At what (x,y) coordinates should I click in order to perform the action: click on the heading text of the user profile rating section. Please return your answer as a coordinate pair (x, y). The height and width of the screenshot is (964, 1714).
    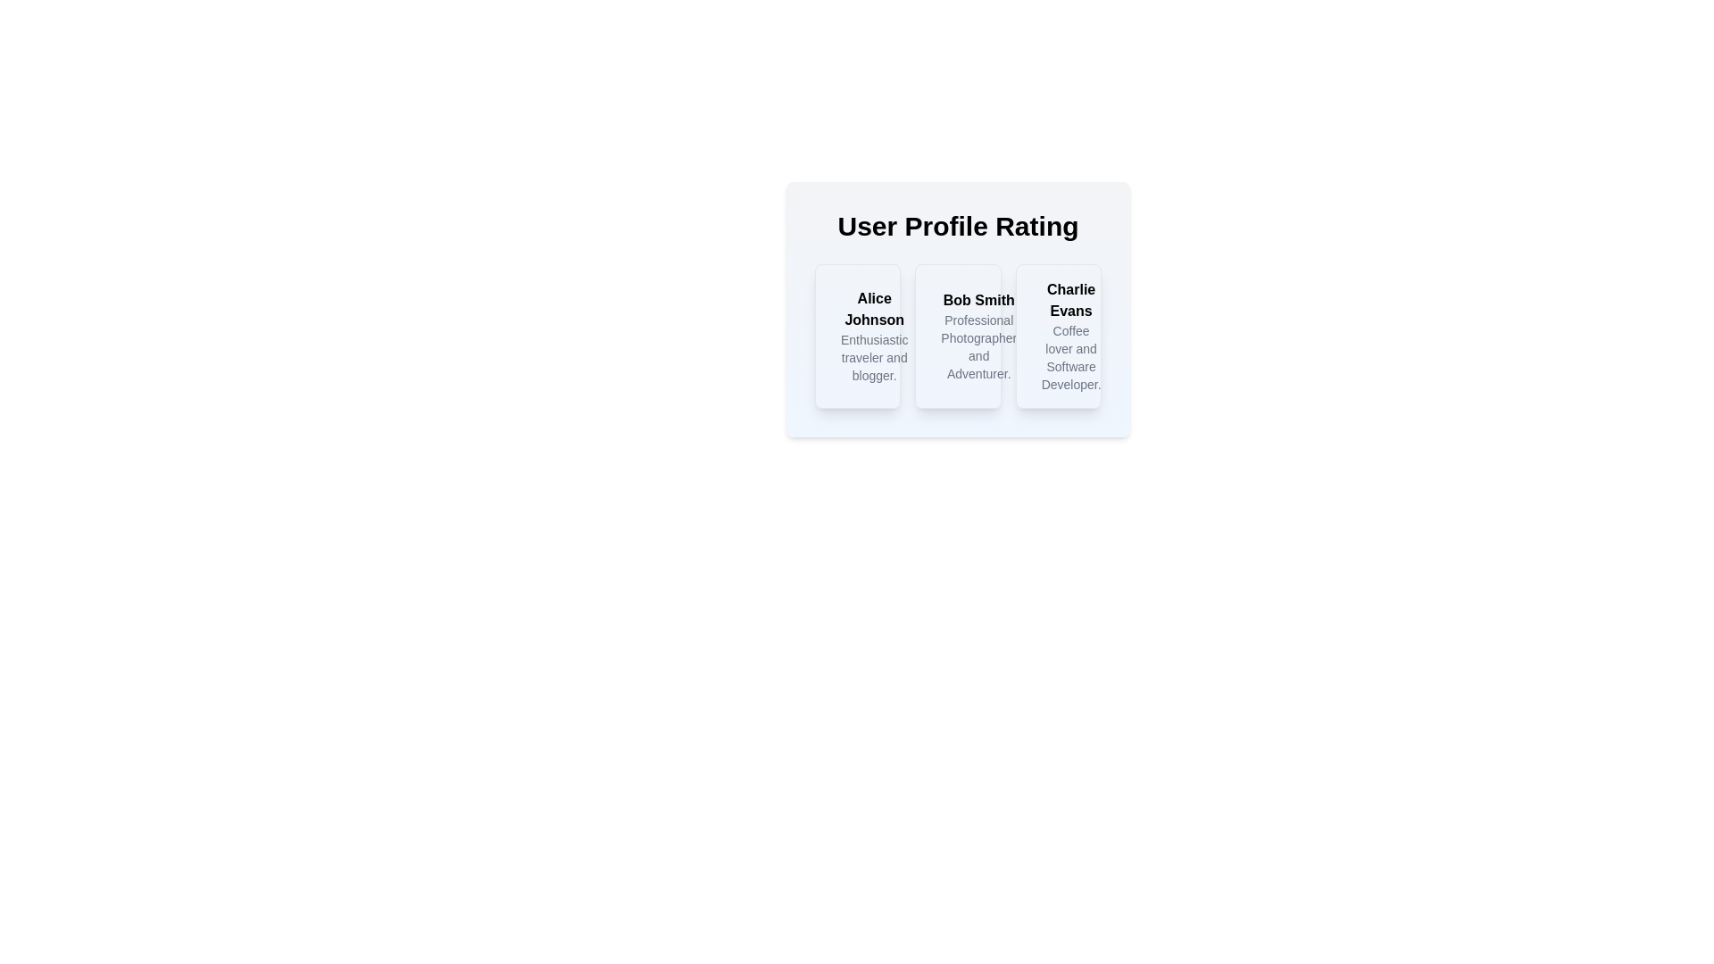
    Looking at the image, I should click on (957, 226).